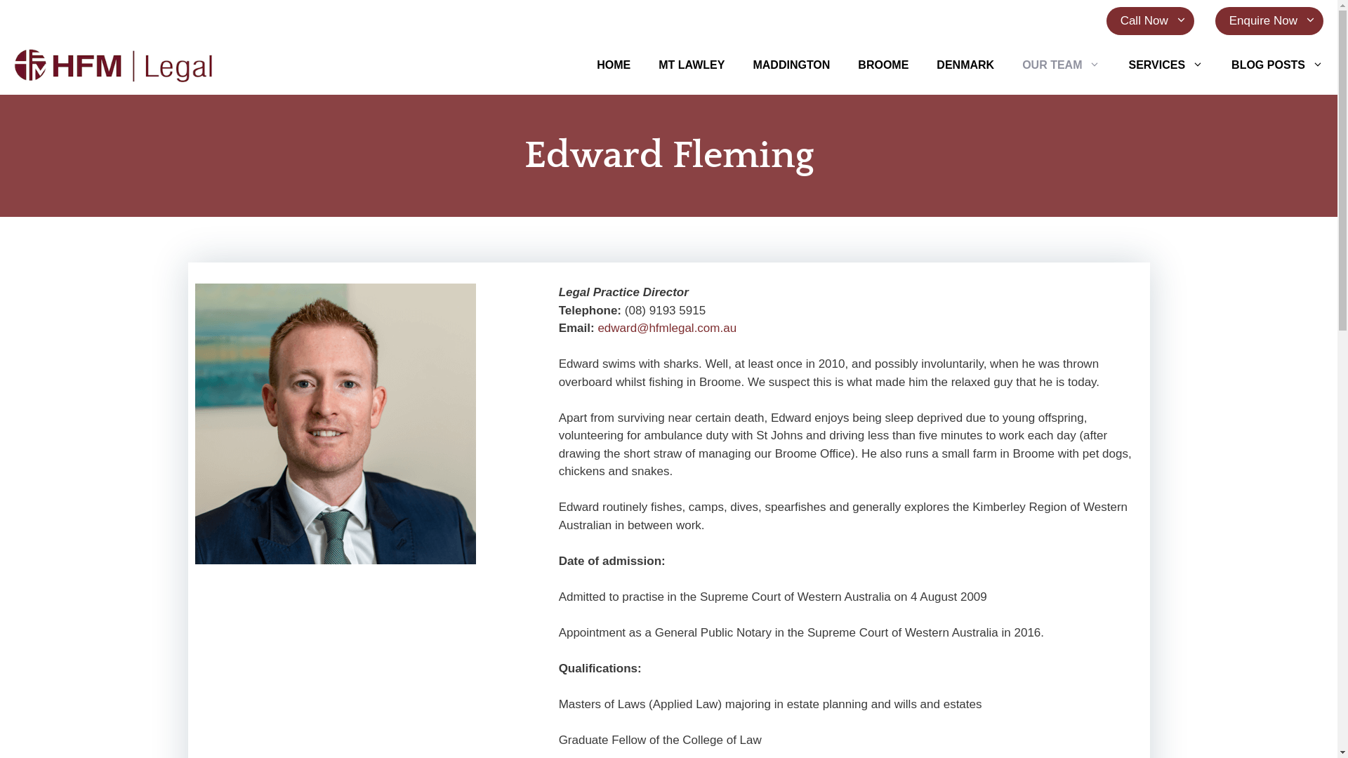  Describe the element at coordinates (1277, 65) in the screenshot. I see `'BLOG POSTS'` at that location.